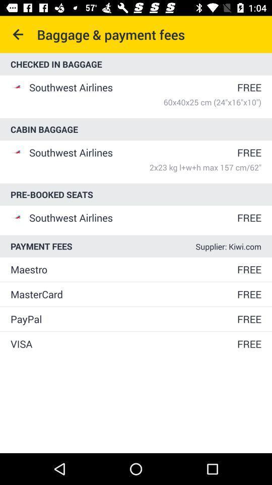 This screenshot has width=272, height=485. Describe the element at coordinates (123, 344) in the screenshot. I see `icon below paypal item` at that location.